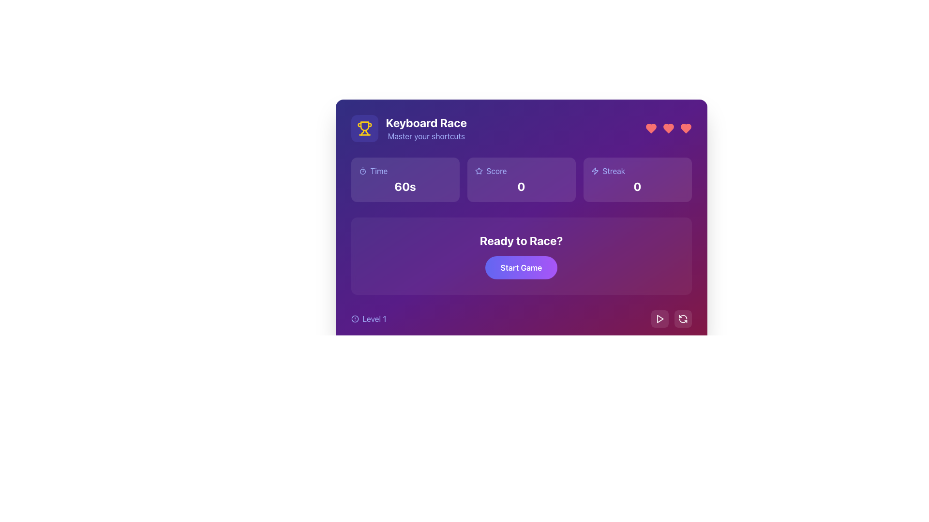 The image size is (929, 522). Describe the element at coordinates (364, 128) in the screenshot. I see `the trophy icon with a yellow outline on a purple background, which is located to the left of the 'Keyboard Race' title text` at that location.